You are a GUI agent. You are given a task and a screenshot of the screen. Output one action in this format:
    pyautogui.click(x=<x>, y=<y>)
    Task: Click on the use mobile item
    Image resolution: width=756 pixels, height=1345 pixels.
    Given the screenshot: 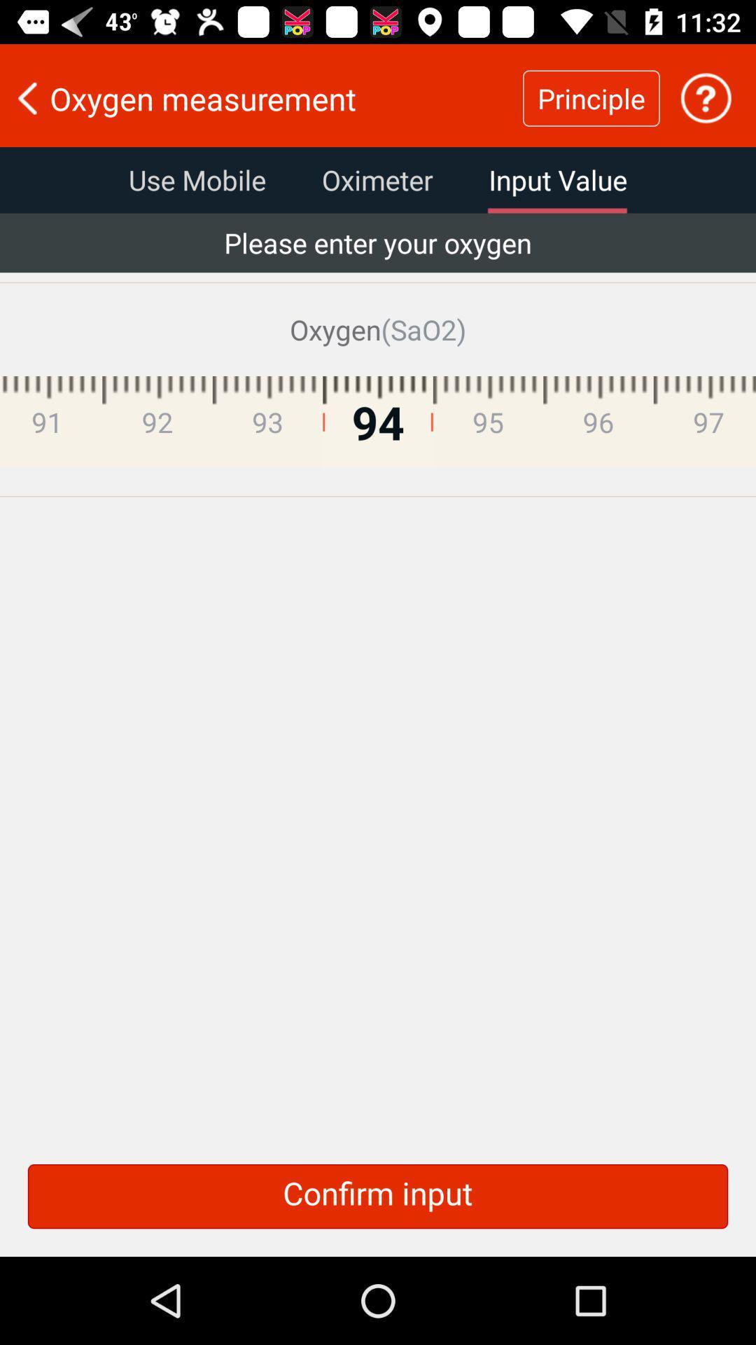 What is the action you would take?
    pyautogui.click(x=197, y=179)
    